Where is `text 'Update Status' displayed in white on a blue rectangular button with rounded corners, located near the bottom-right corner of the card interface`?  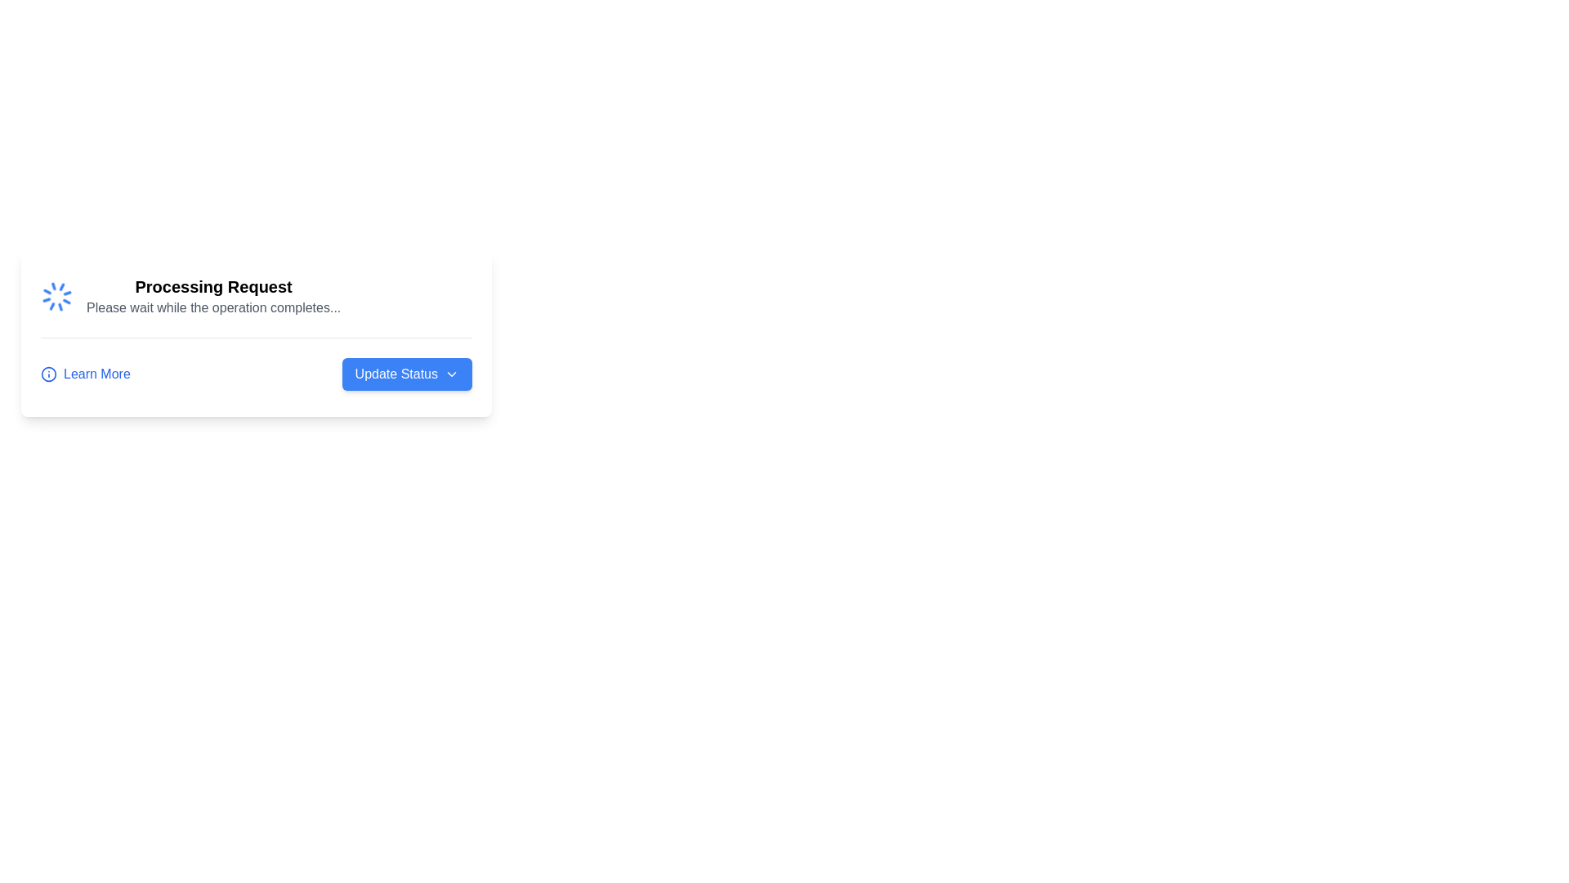 text 'Update Status' displayed in white on a blue rectangular button with rounded corners, located near the bottom-right corner of the card interface is located at coordinates (396, 374).